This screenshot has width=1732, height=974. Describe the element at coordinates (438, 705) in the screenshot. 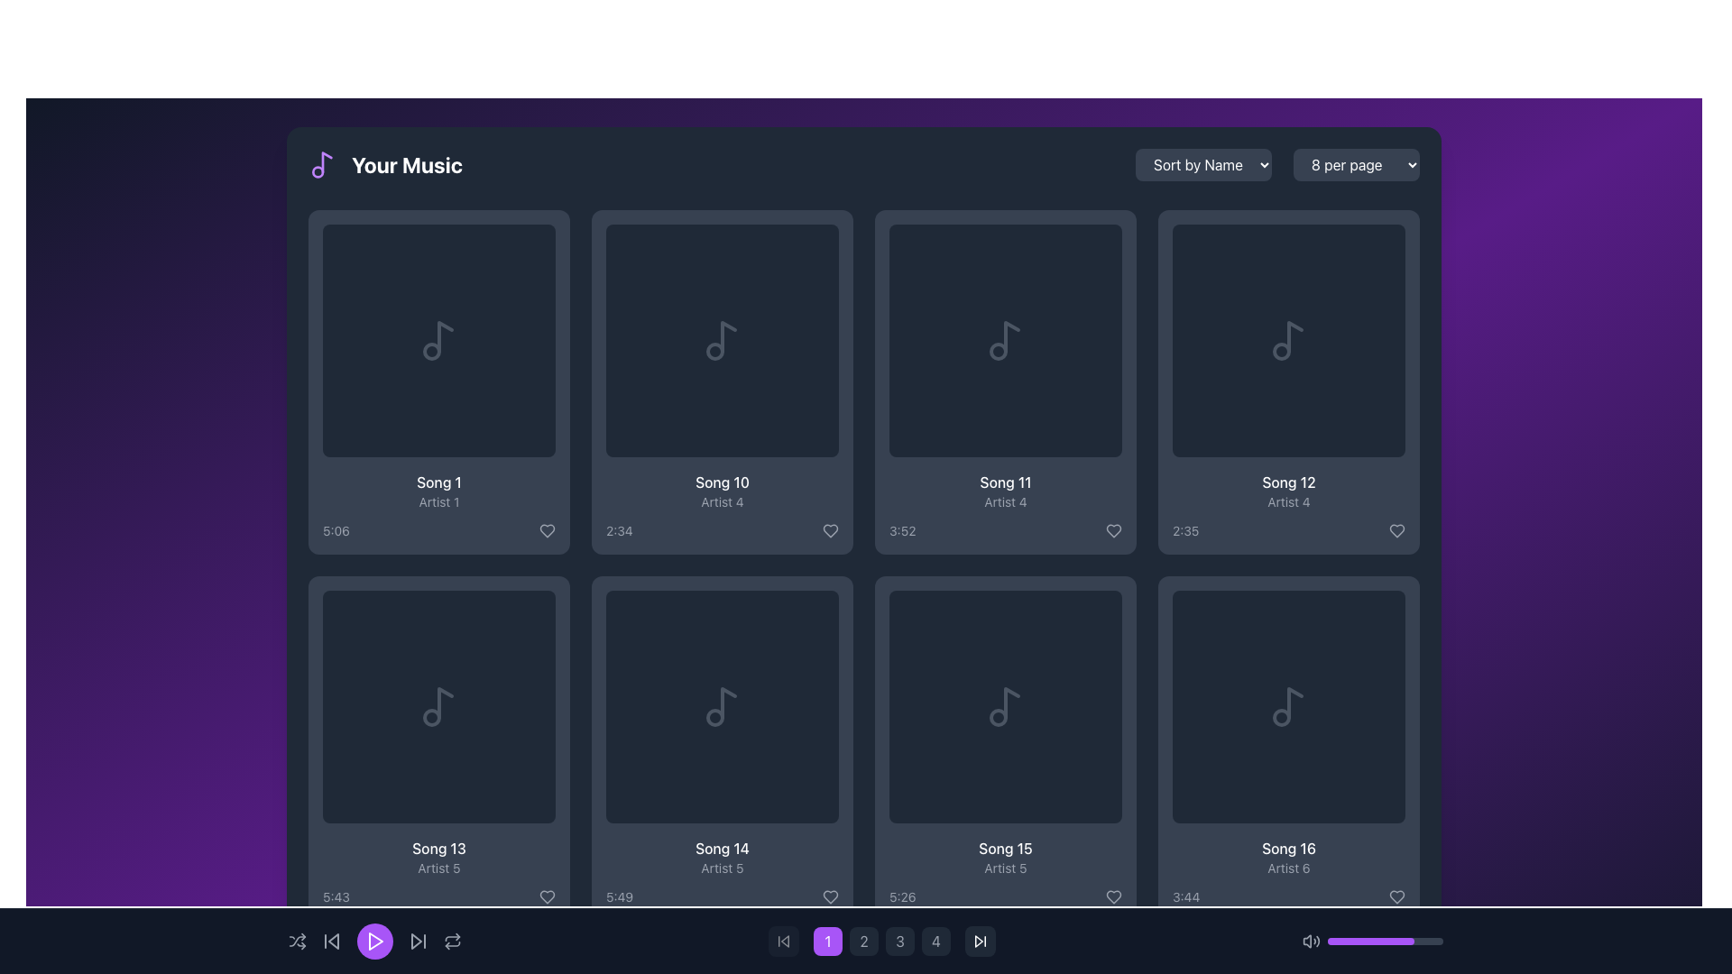

I see `the play button for 'Song 13' by 'Artist 5' located within the music library interface` at that location.